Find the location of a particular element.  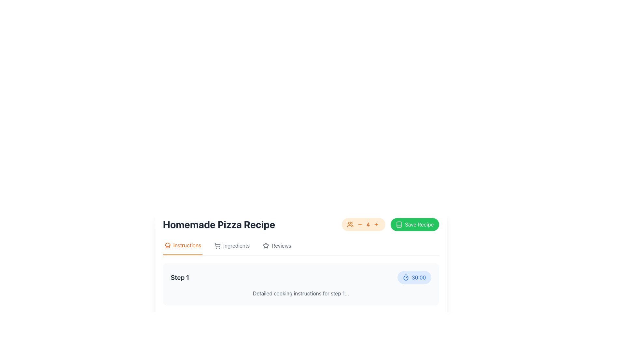

the decorative icon representing the 'Save Recipe' button, which is located inside a green rectangular button in the top-right section of the interface is located at coordinates (399, 224).